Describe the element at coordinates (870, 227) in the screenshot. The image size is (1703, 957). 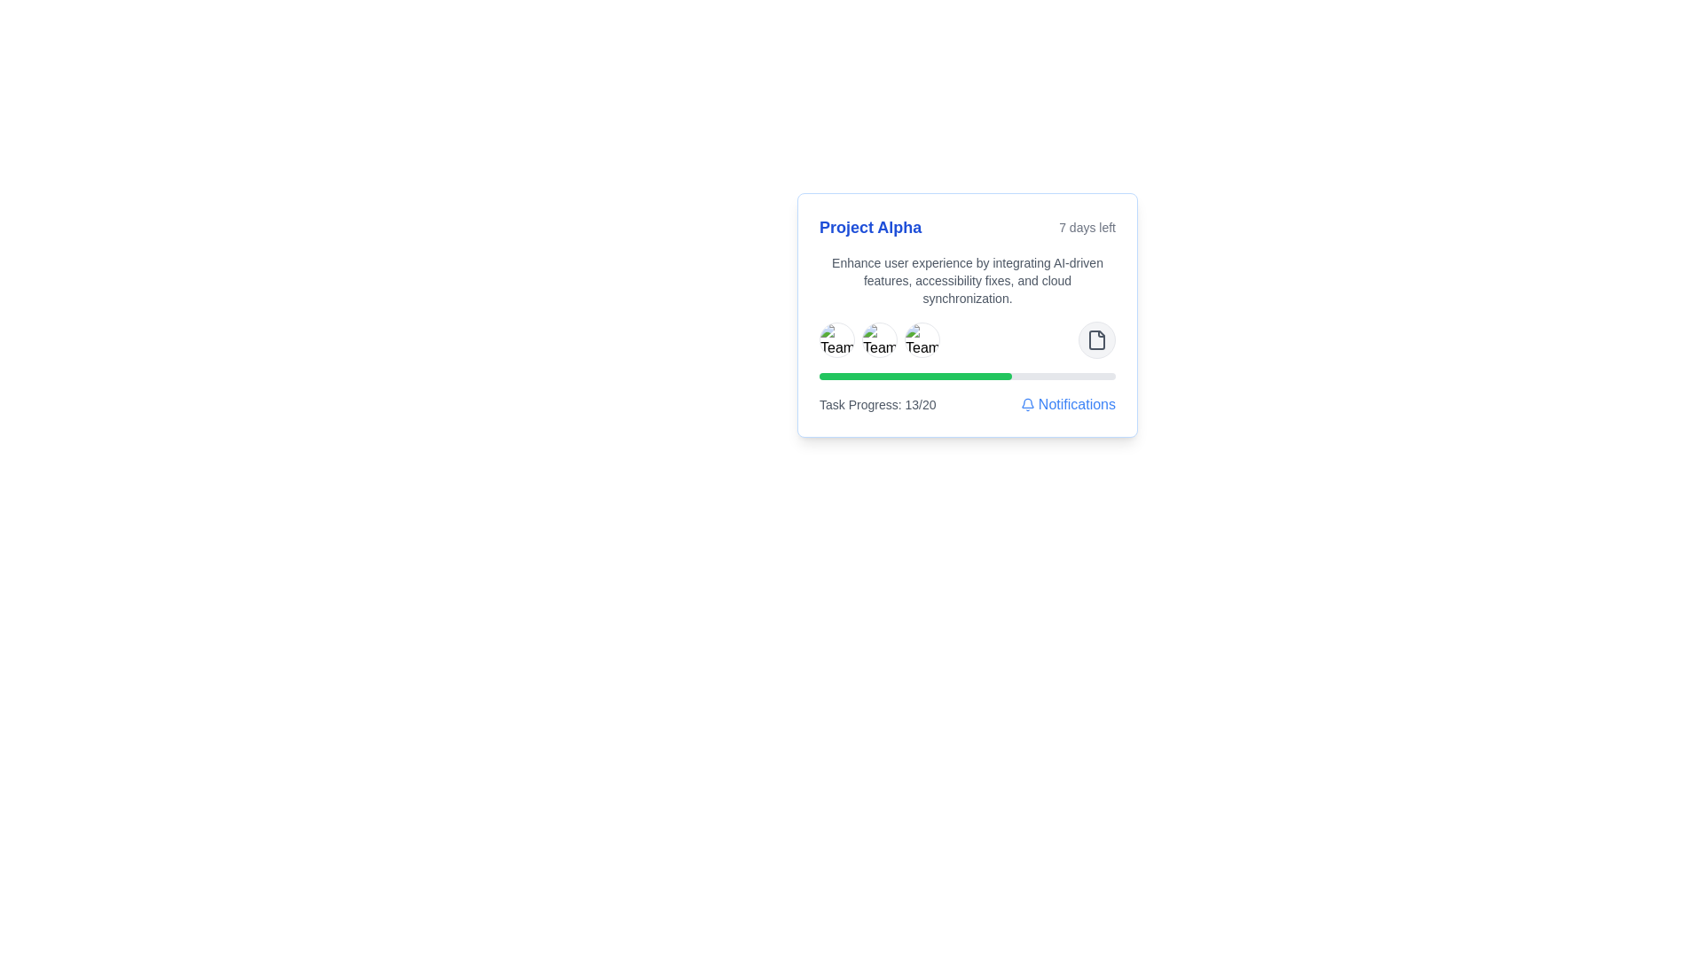
I see `the project title label that is positioned to the left of the text '7 days left' in the project management interface` at that location.